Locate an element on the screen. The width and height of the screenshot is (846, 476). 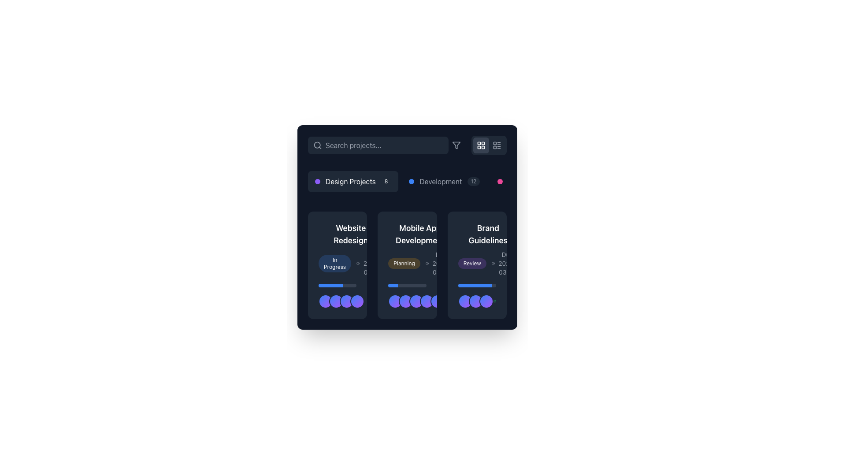
the 'Design Projects' button, which has a dark background, white text, and a violet circular indicator with a badge showing the number '8' is located at coordinates (353, 181).